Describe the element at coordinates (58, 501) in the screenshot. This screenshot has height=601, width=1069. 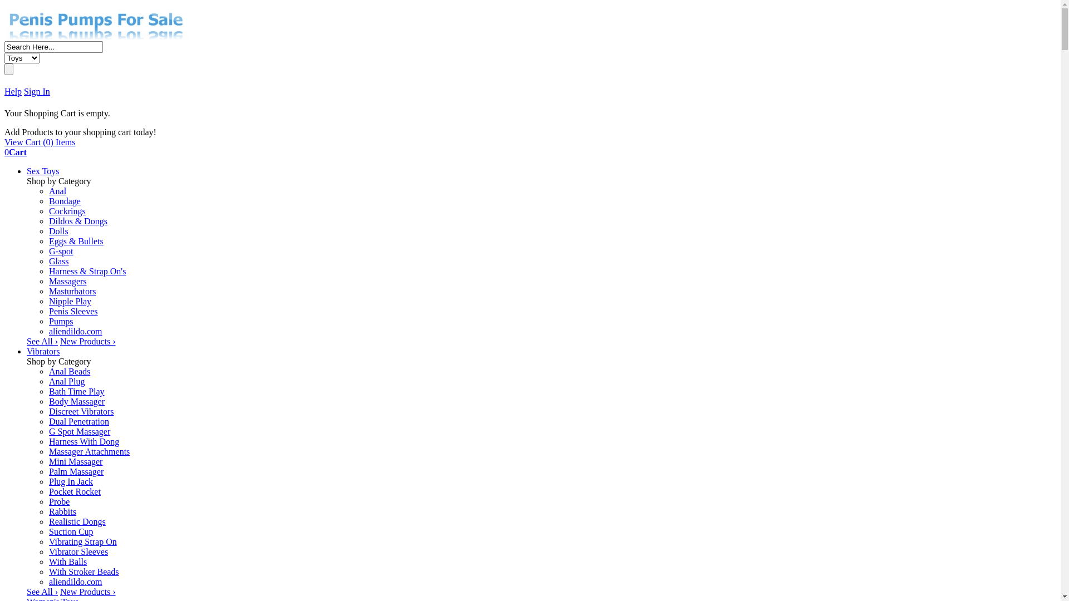
I see `'Probe'` at that location.